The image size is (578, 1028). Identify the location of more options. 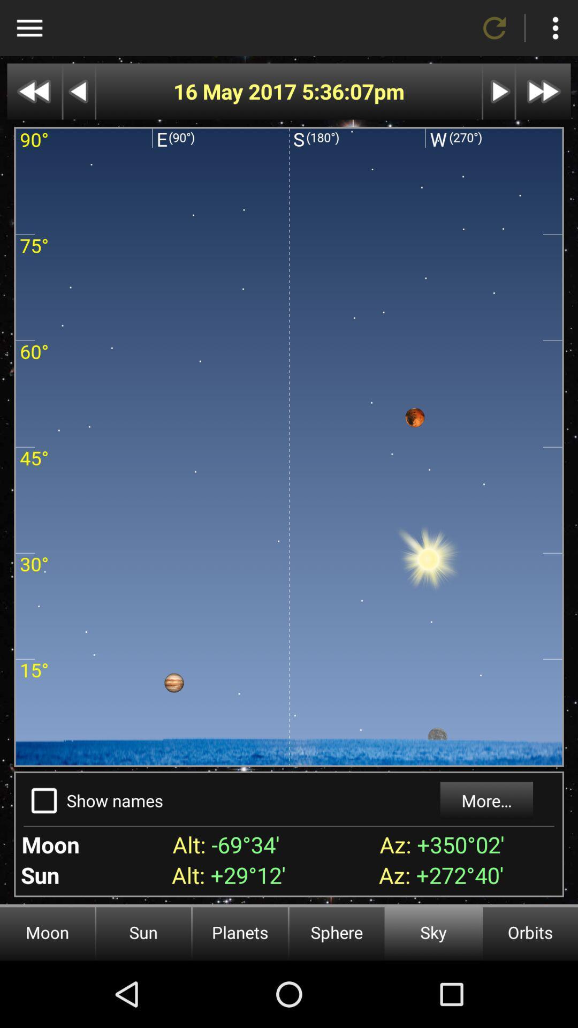
(554, 28).